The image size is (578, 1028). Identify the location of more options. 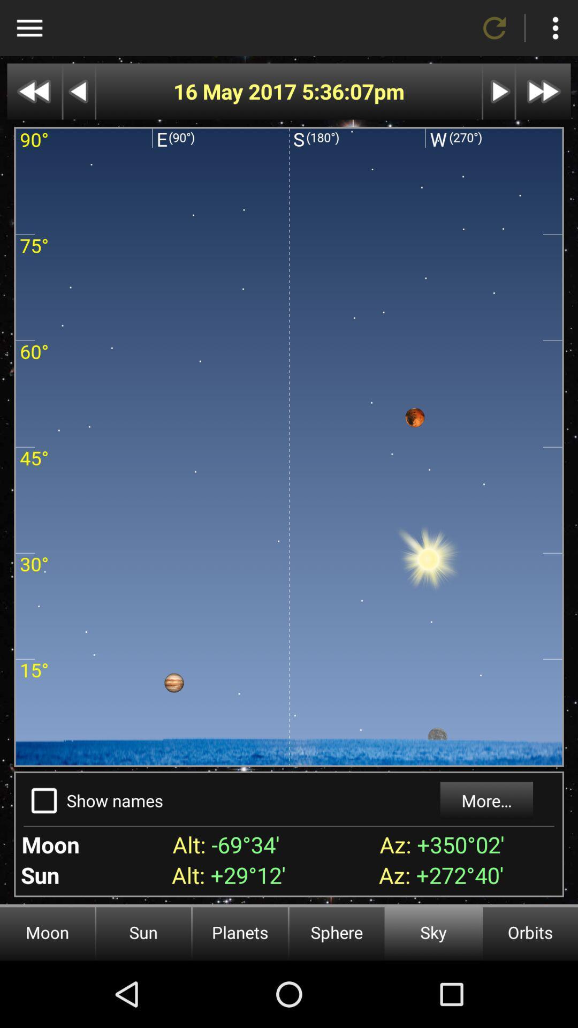
(554, 28).